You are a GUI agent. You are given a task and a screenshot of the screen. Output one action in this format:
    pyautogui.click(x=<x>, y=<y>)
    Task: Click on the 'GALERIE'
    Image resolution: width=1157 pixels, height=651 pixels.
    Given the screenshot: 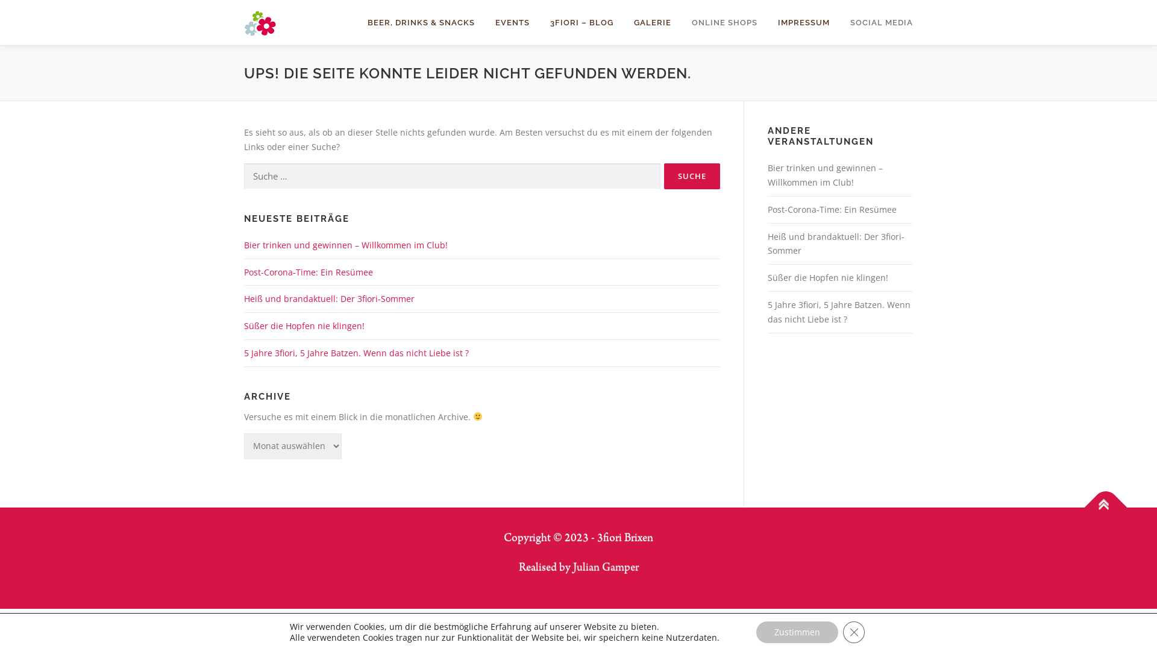 What is the action you would take?
    pyautogui.click(x=652, y=22)
    